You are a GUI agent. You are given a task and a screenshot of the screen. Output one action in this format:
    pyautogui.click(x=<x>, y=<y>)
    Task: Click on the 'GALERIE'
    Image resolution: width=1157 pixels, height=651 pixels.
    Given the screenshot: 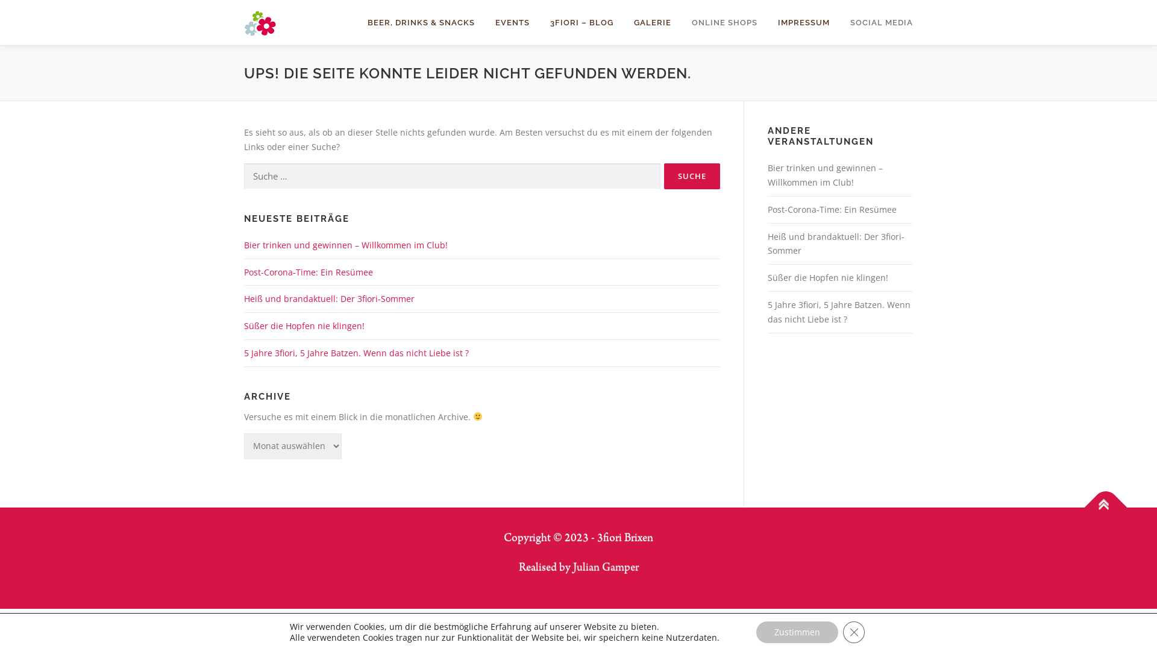 What is the action you would take?
    pyautogui.click(x=652, y=22)
    